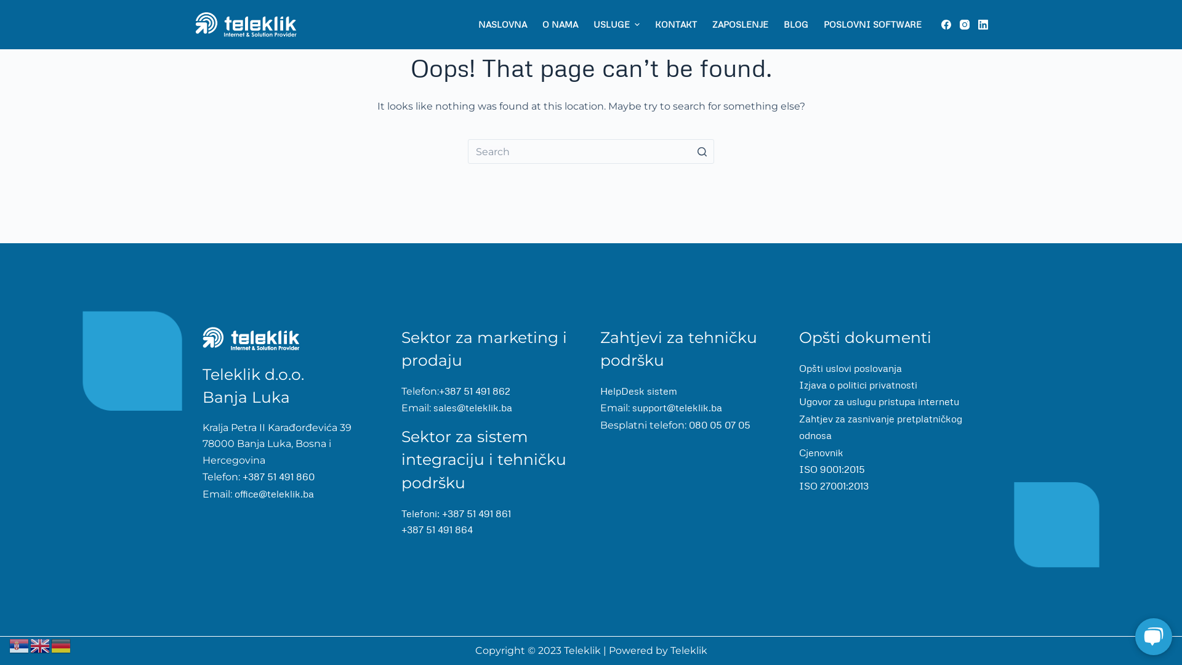 This screenshot has width=1182, height=665. Describe the element at coordinates (472, 408) in the screenshot. I see `'sales@teleklik.ba'` at that location.